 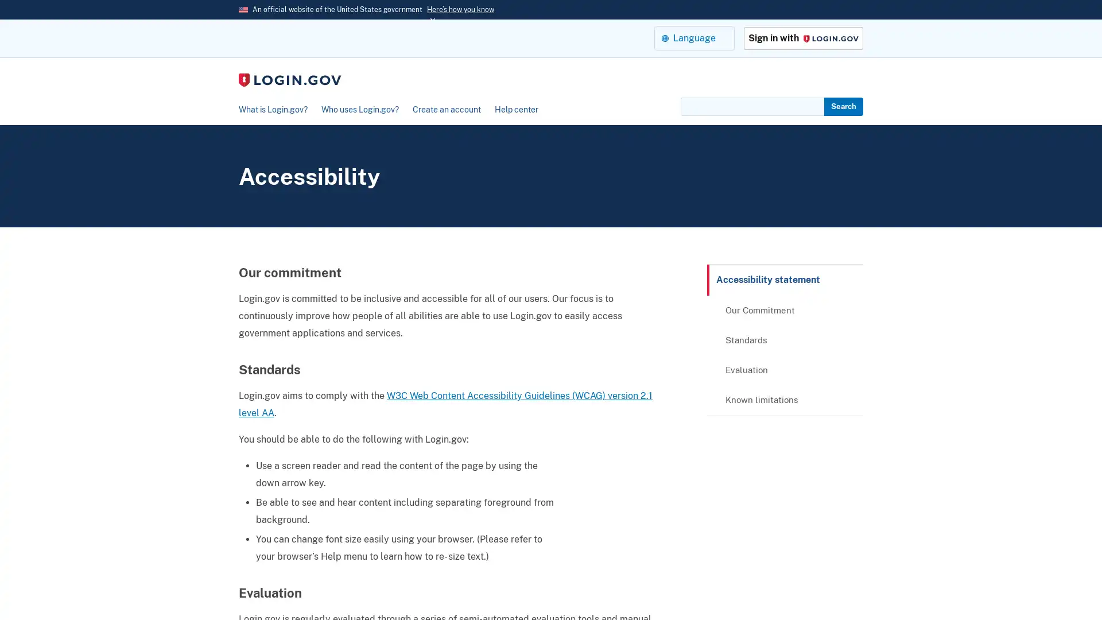 What do you see at coordinates (460, 9) in the screenshot?
I see `Heres how you know` at bounding box center [460, 9].